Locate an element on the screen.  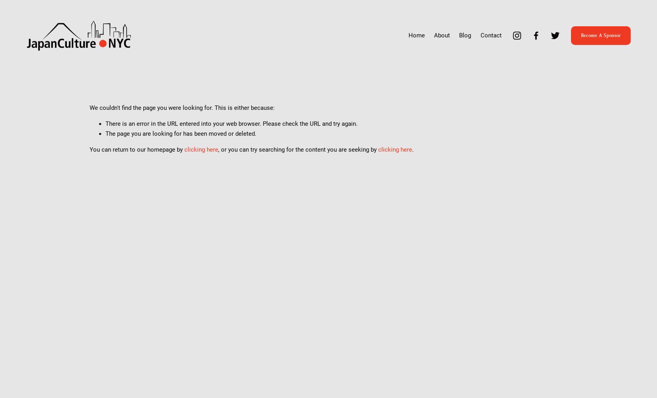
'Blog' is located at coordinates (465, 35).